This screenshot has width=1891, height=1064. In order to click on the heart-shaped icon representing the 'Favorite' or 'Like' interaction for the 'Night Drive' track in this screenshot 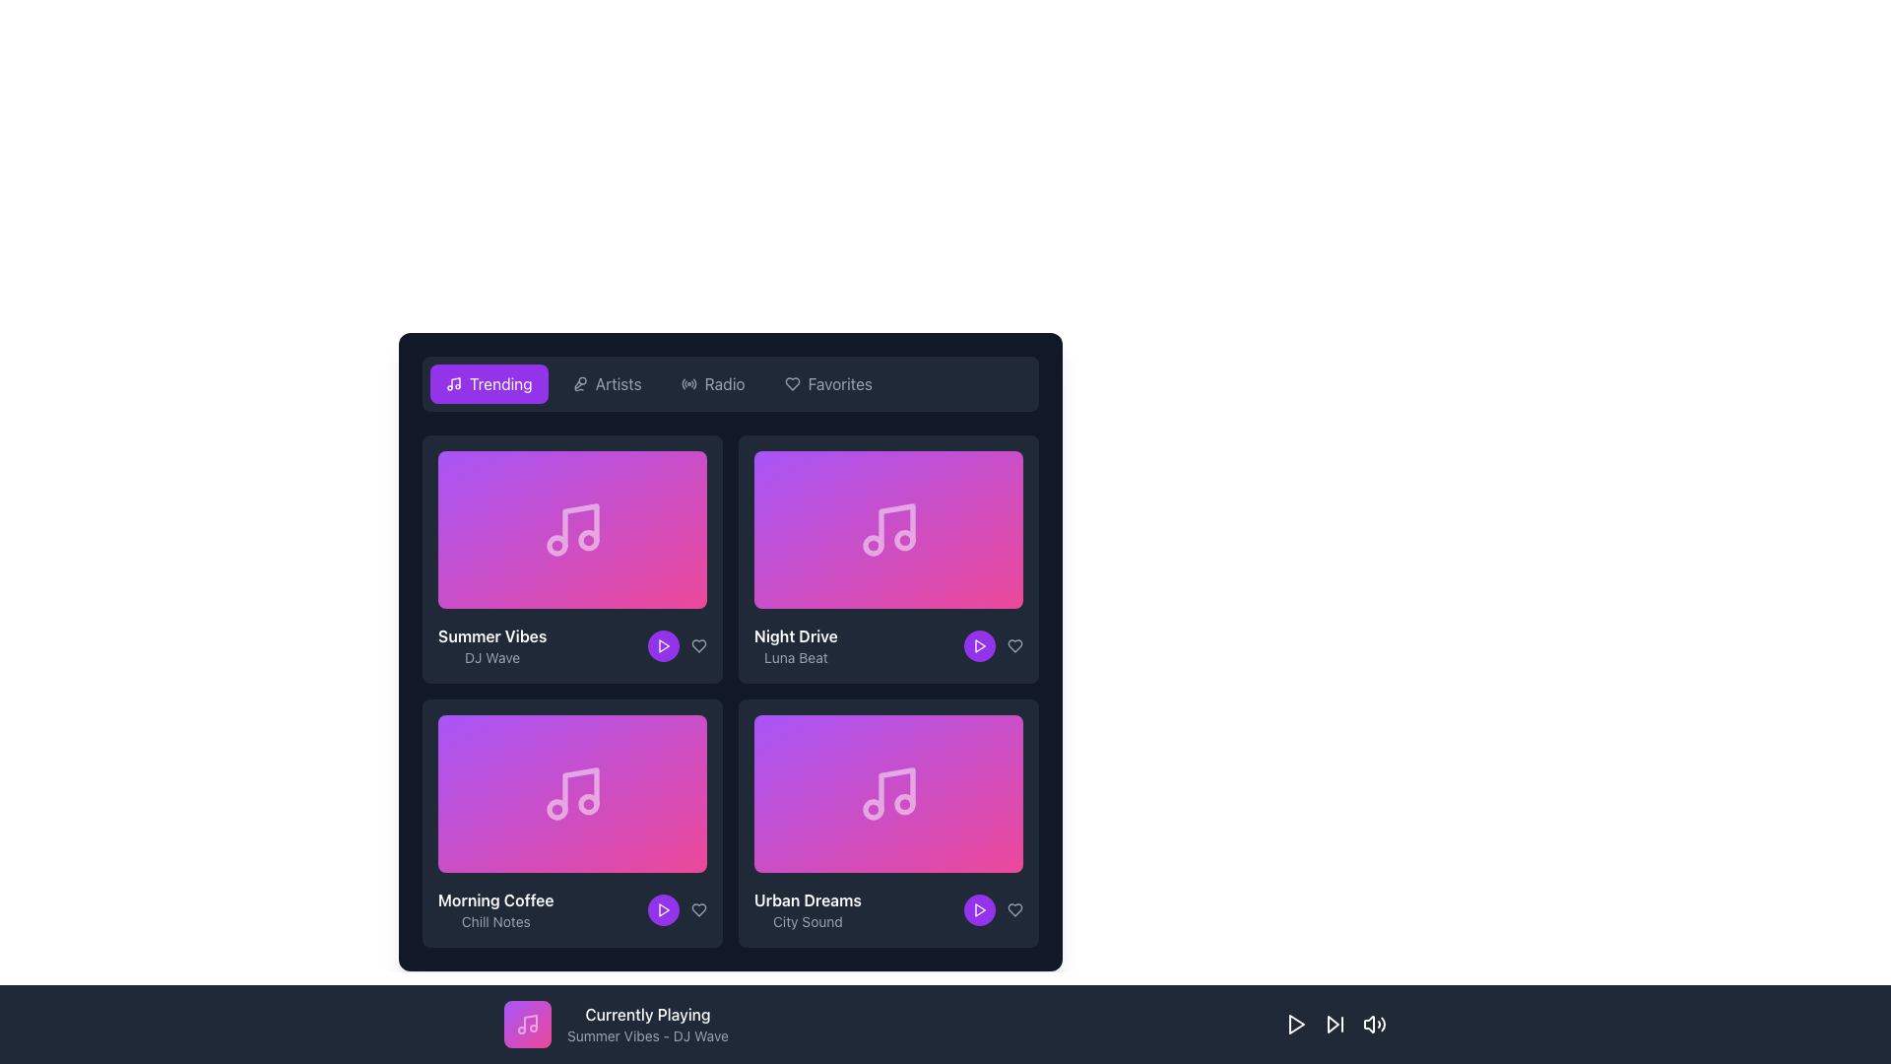, I will do `click(792, 383)`.